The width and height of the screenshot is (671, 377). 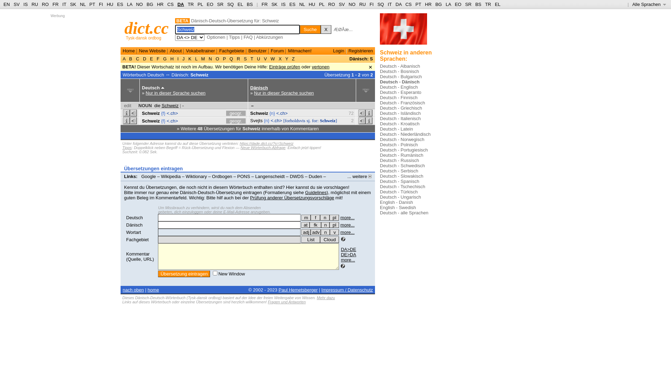 What do you see at coordinates (292, 4) in the screenshot?
I see `'ES'` at bounding box center [292, 4].